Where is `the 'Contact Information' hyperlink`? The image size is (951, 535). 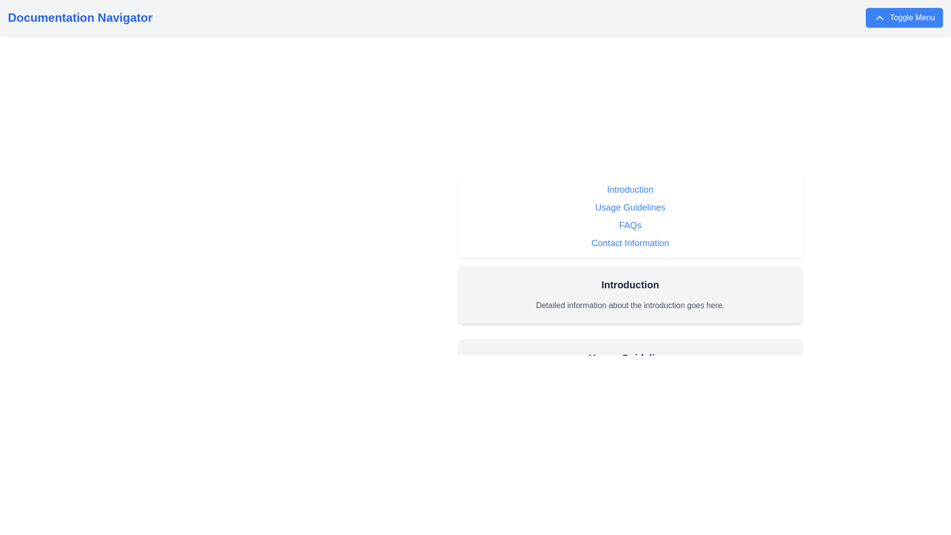
the 'Contact Information' hyperlink is located at coordinates (630, 243).